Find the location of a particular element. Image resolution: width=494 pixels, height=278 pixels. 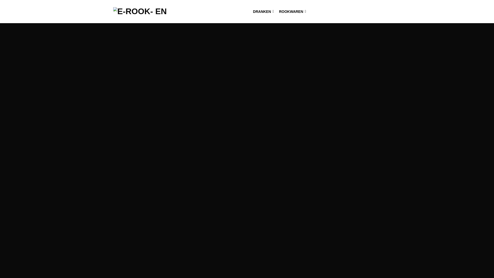

'DRANKEN' is located at coordinates (263, 12).